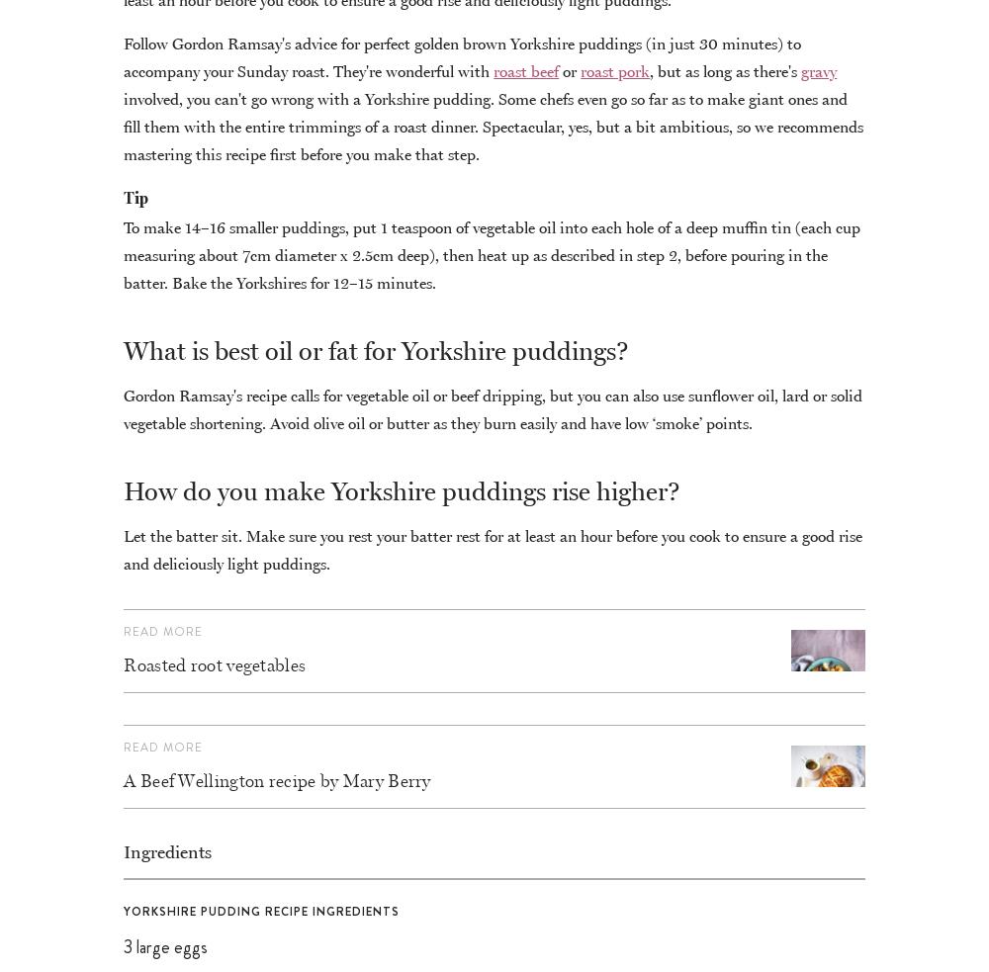  Describe the element at coordinates (492, 406) in the screenshot. I see `'Gordon Ramsay's recipe calls for vegetable oil or beef dripping, but you can also use sunflower oil, lard or solid vegetable shortening. Avoid olive oil or butter as they burn easily and have low ‘smoke’ points.'` at that location.